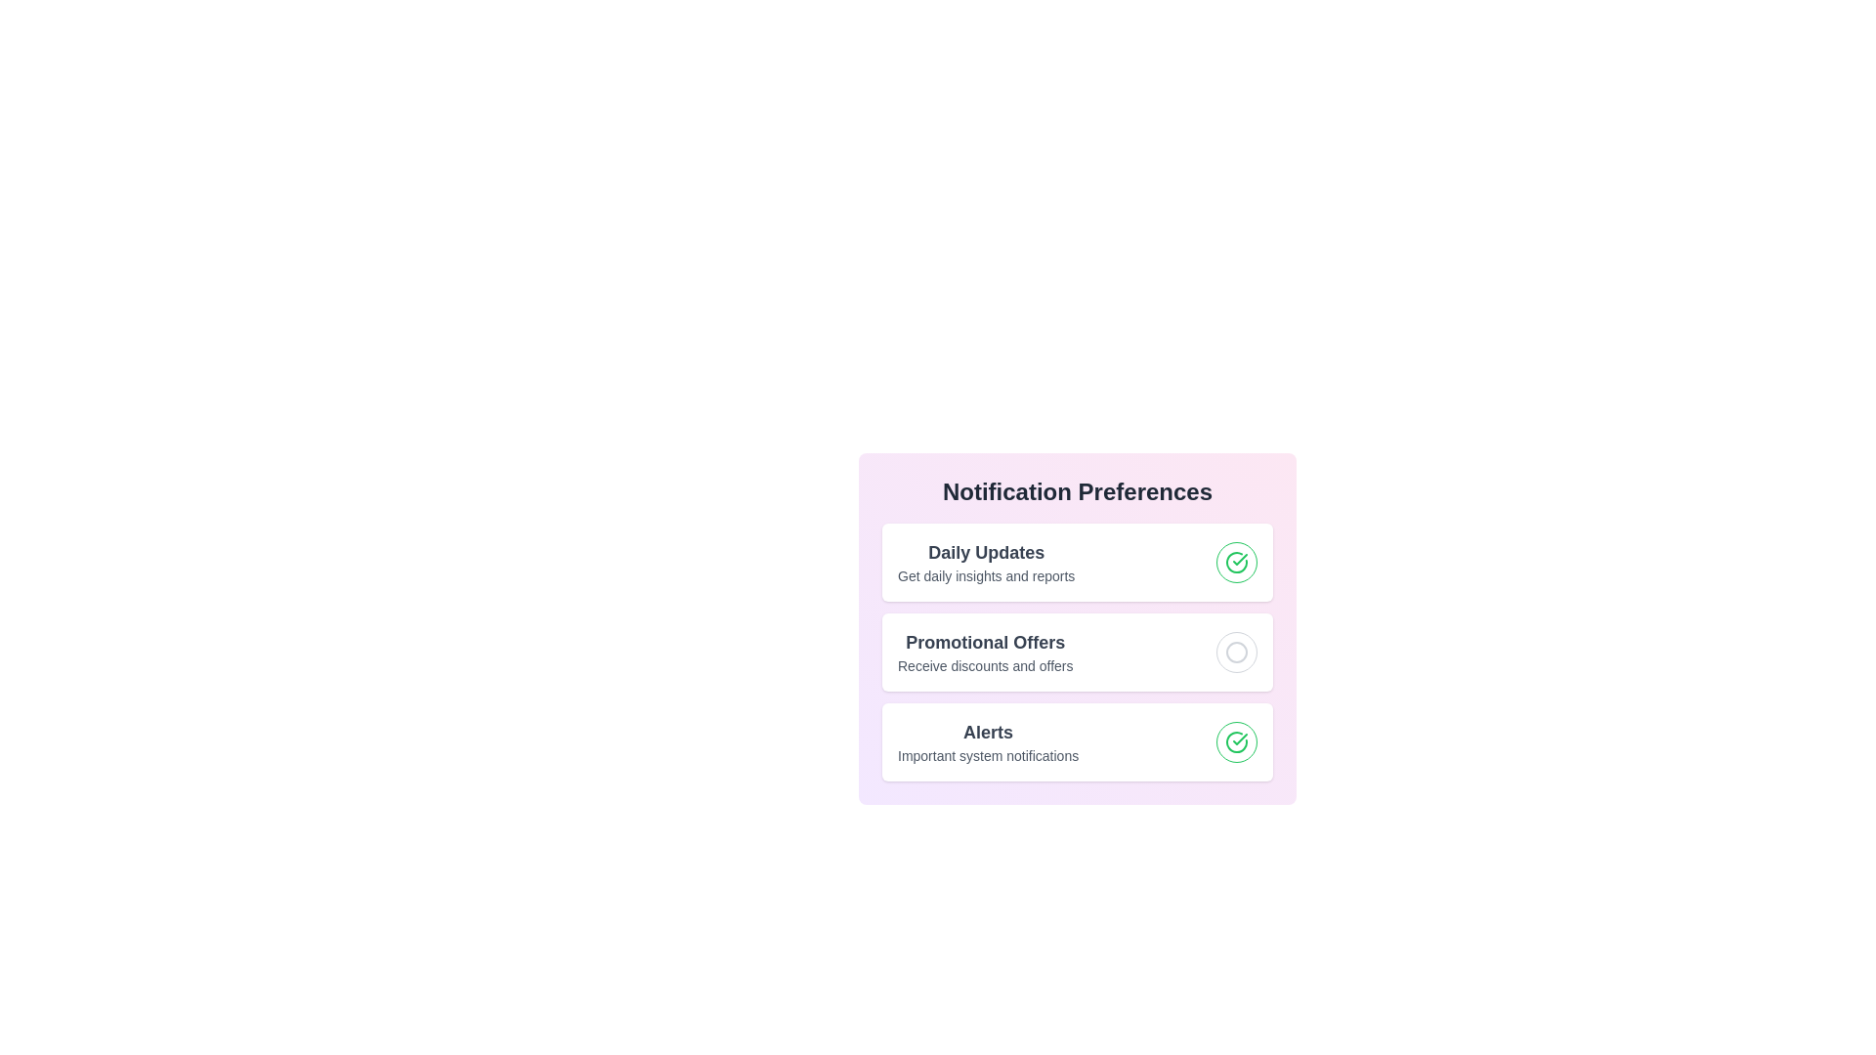 The image size is (1876, 1055). What do you see at coordinates (1077, 562) in the screenshot?
I see `the visual layout of Daily Updates in the NotificationSelector component` at bounding box center [1077, 562].